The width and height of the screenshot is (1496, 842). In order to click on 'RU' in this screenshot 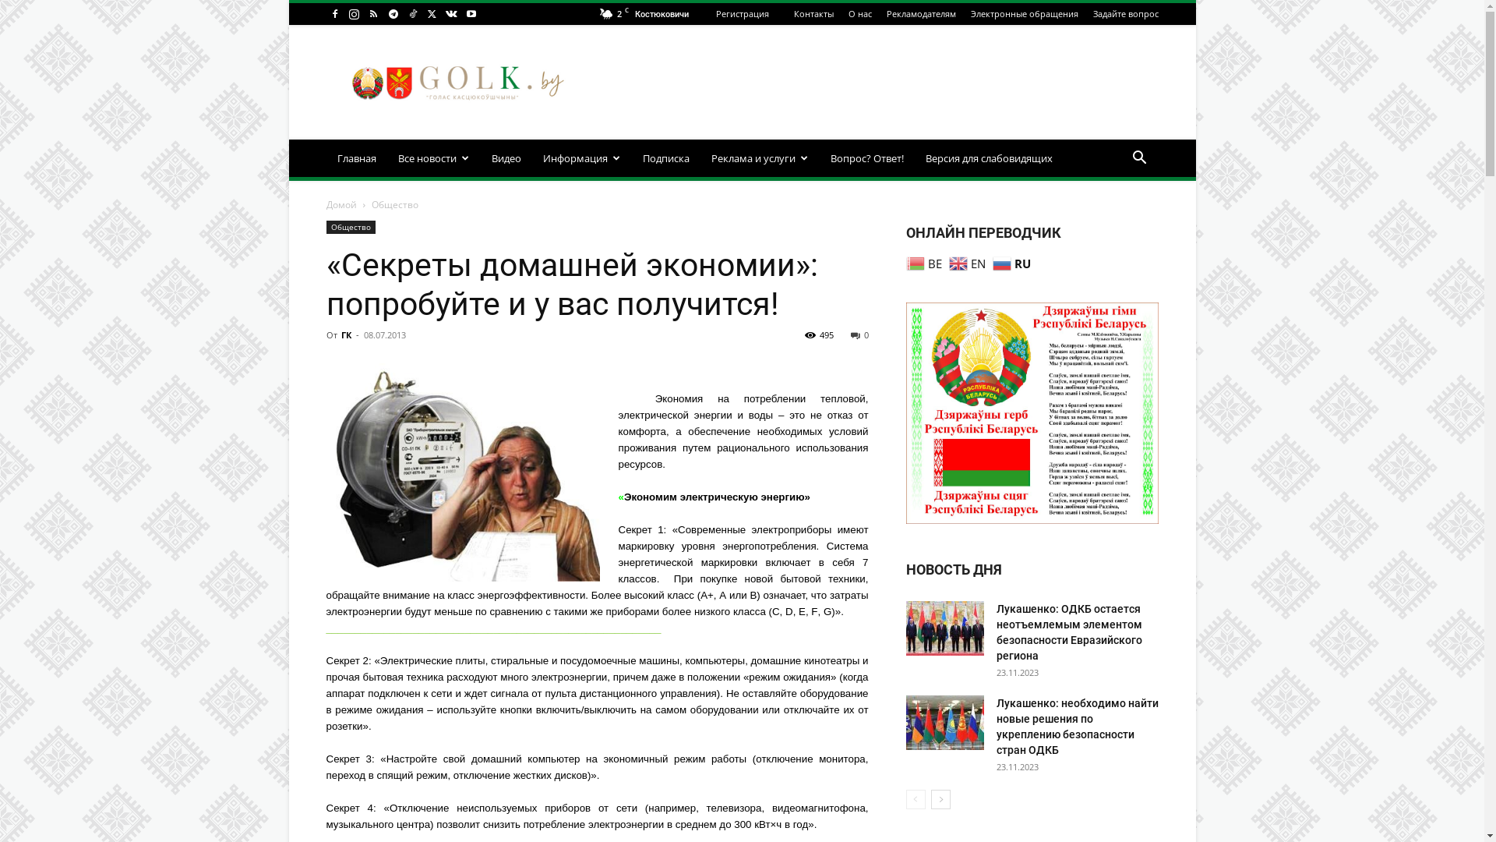, I will do `click(991, 261)`.